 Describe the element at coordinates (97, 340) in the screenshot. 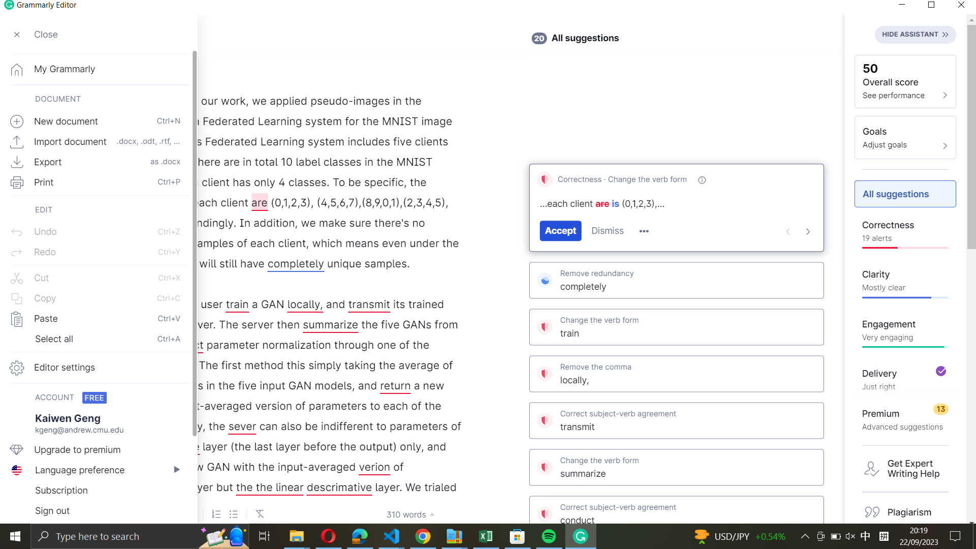

I see `all text` at that location.